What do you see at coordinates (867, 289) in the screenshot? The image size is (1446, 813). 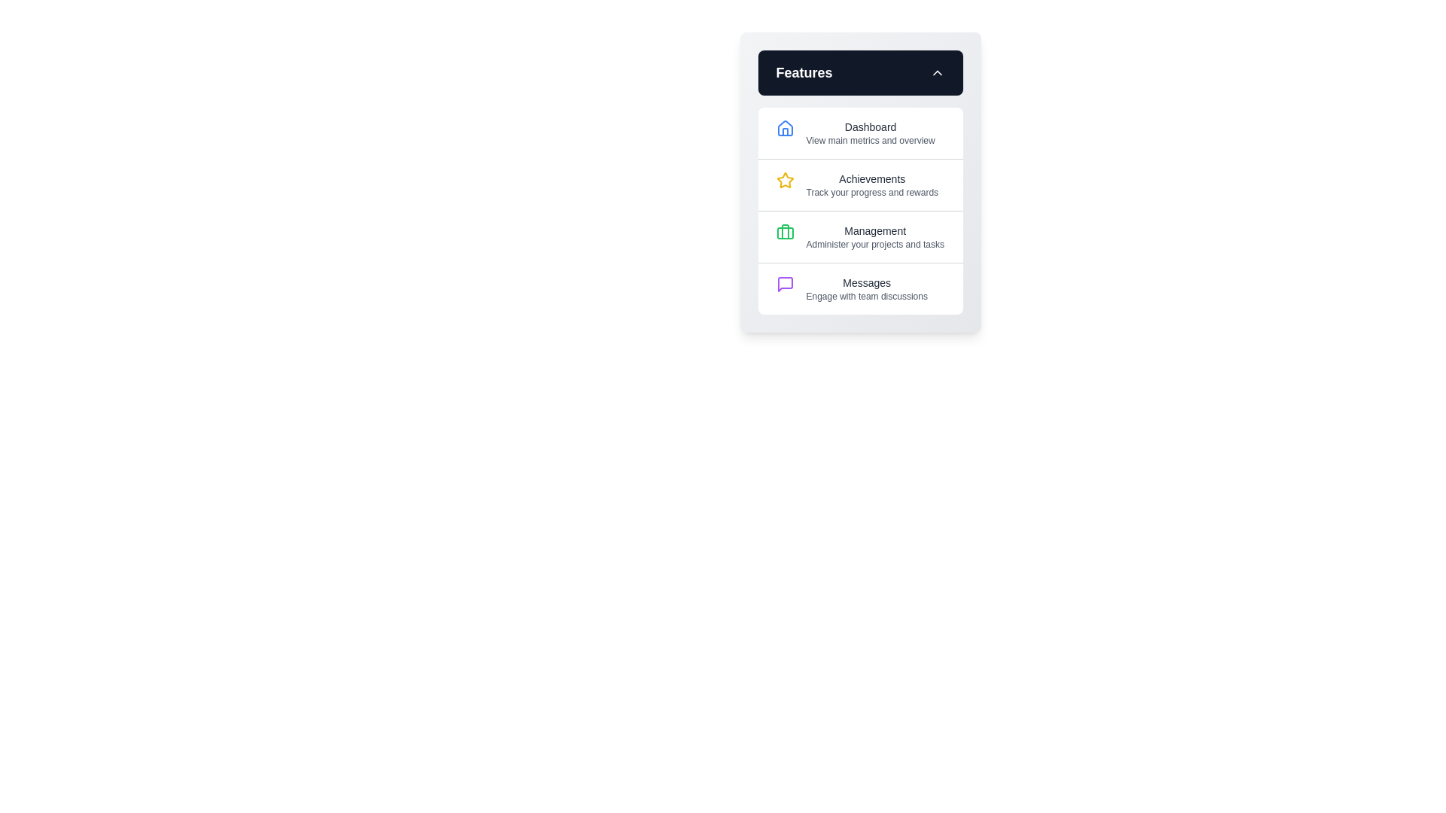 I see `the 'Messages' text block, which features a title styled in medium-weight dark grey and a subtitle in smaller light grey` at bounding box center [867, 289].